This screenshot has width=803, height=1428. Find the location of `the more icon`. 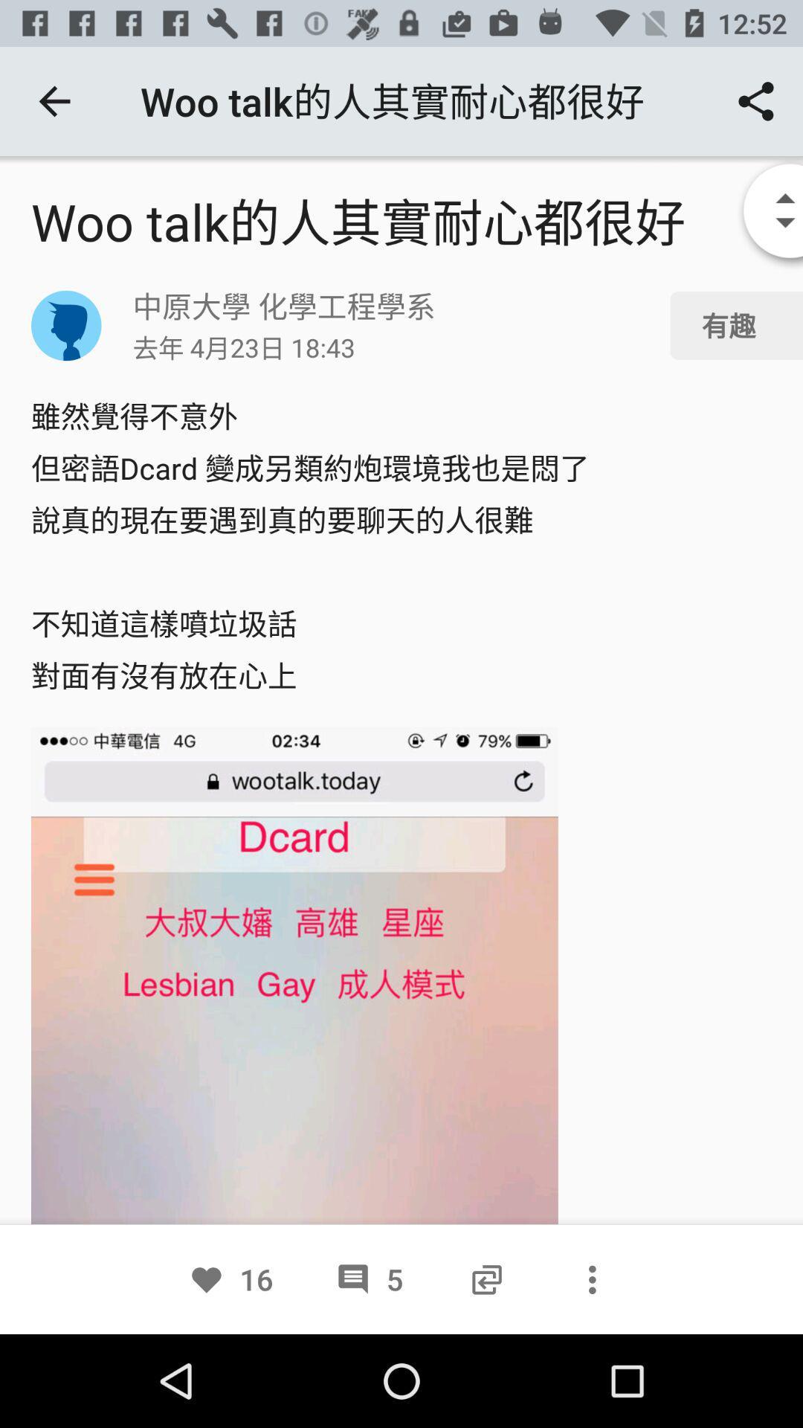

the more icon is located at coordinates (591, 1279).